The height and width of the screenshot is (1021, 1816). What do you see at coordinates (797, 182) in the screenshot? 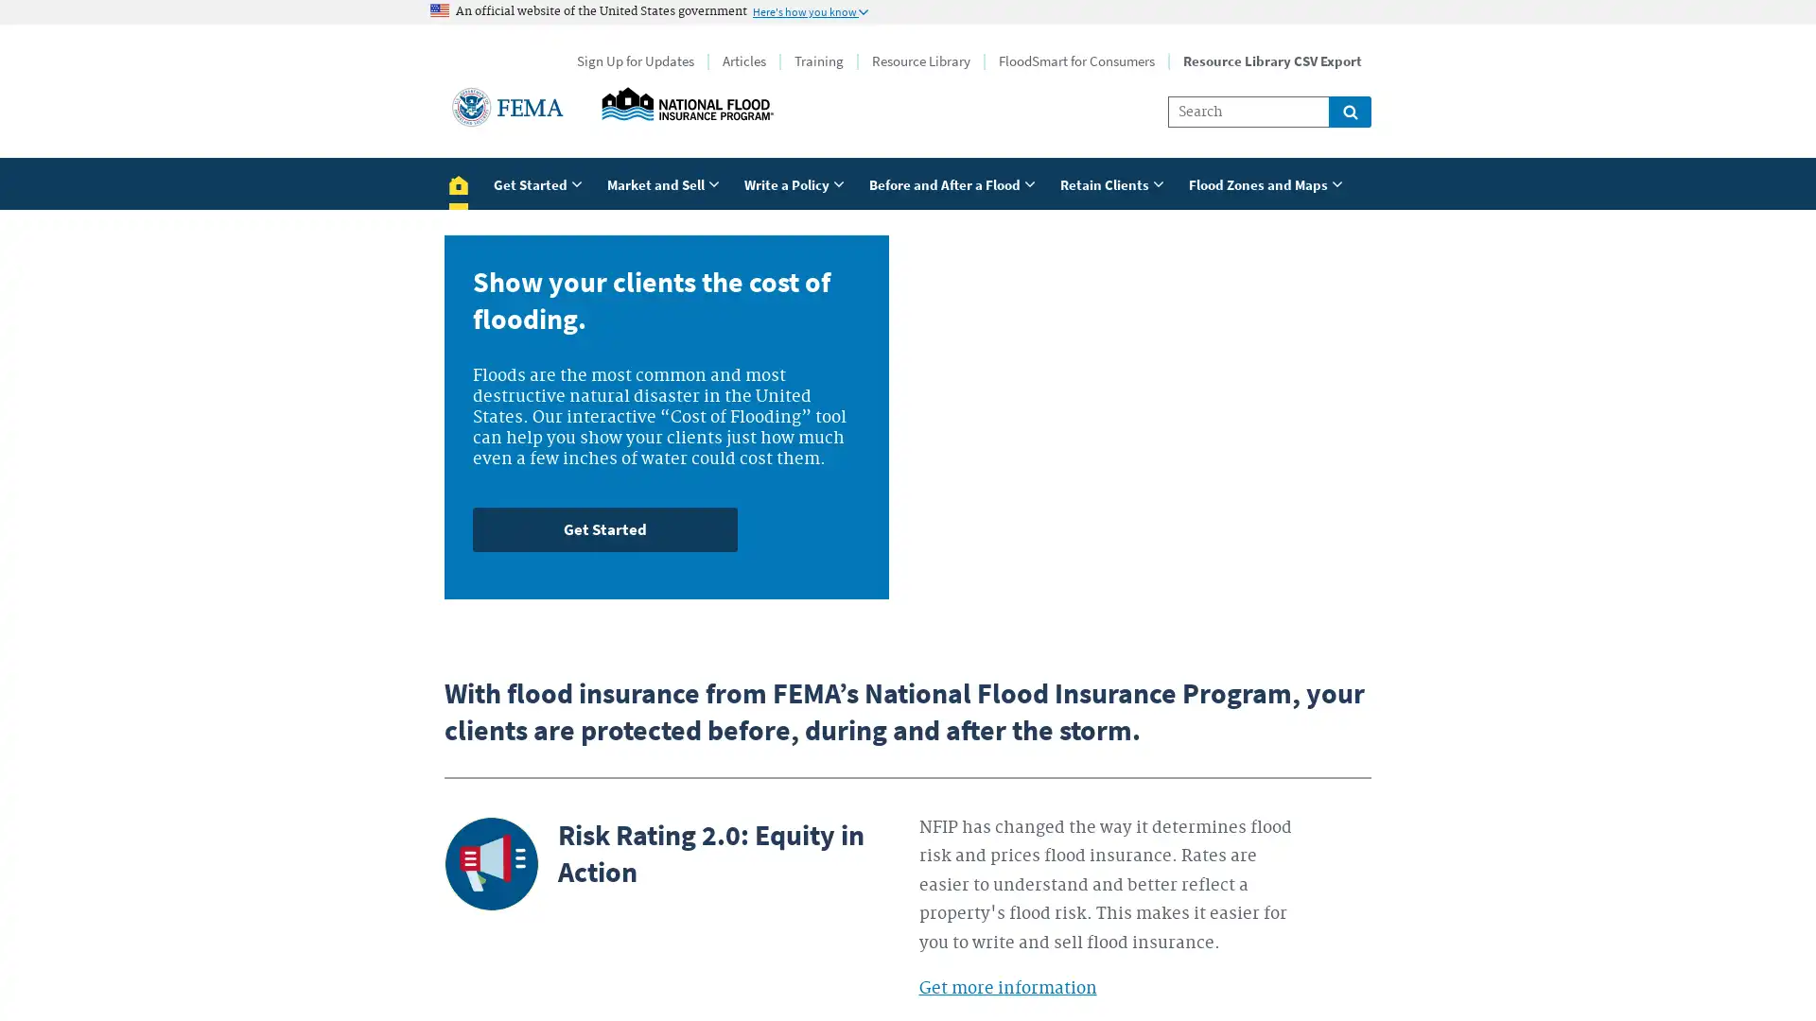
I see `Use <enter> and shift + <enter> to open and close the drop down to sub-menus` at bounding box center [797, 182].